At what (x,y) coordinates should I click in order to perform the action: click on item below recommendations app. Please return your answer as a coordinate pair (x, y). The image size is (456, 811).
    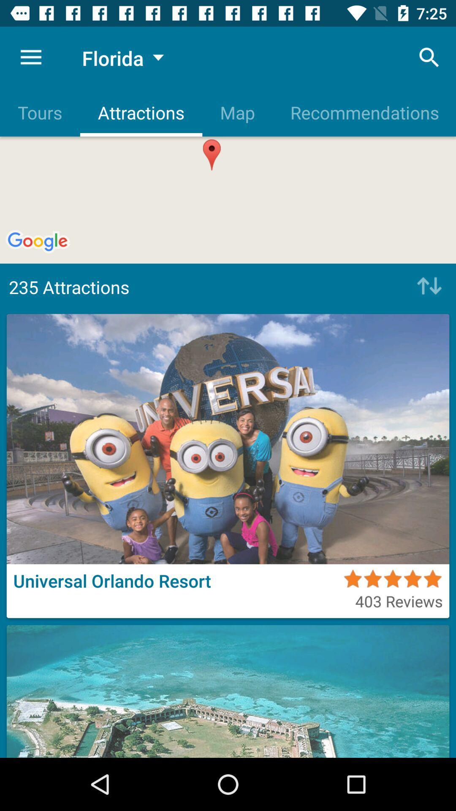
    Looking at the image, I should click on (427, 287).